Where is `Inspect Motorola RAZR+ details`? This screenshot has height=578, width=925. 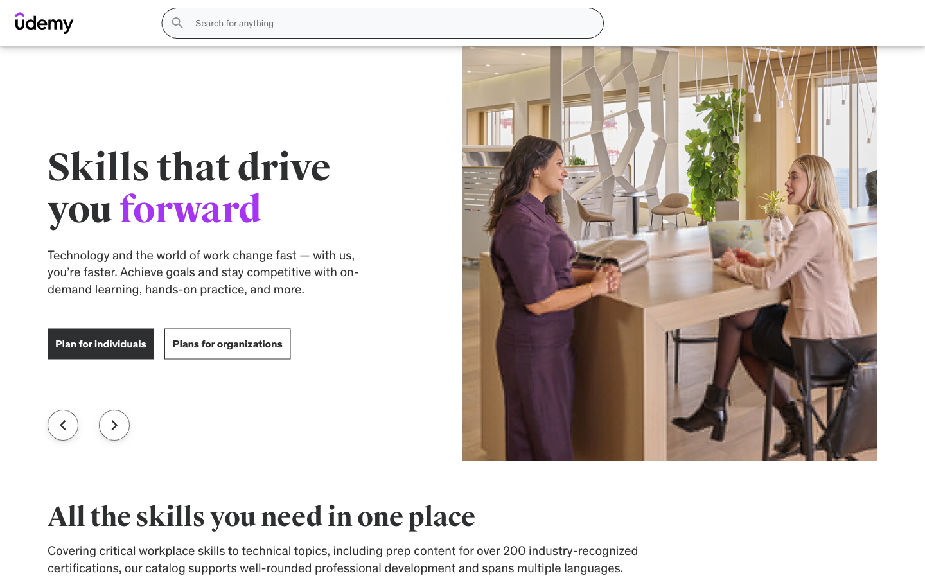
Inspect Motorola RAZR+ details is located at coordinates (732, 536).